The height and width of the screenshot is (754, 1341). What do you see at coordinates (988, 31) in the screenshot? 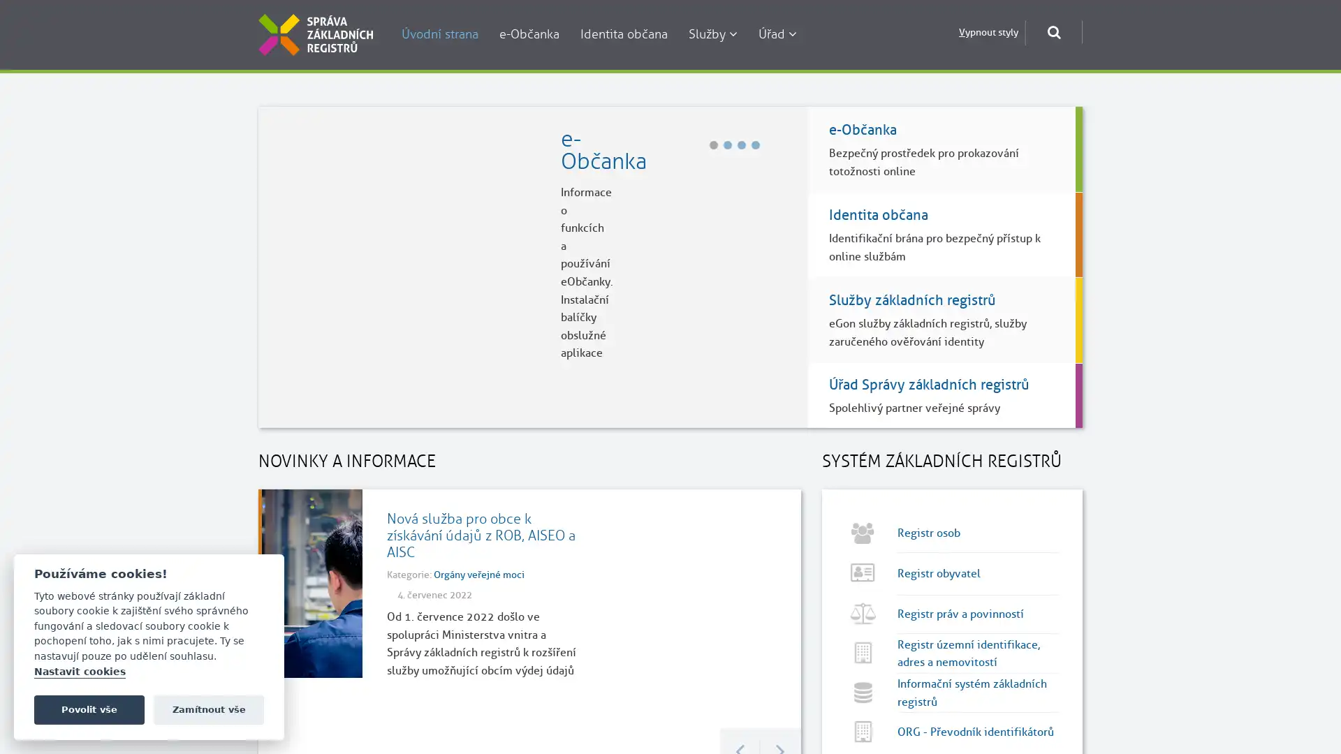
I see `Vypnout styly` at bounding box center [988, 31].